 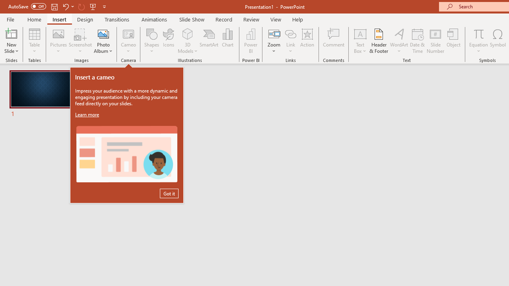 What do you see at coordinates (290, 41) in the screenshot?
I see `'Link'` at bounding box center [290, 41].